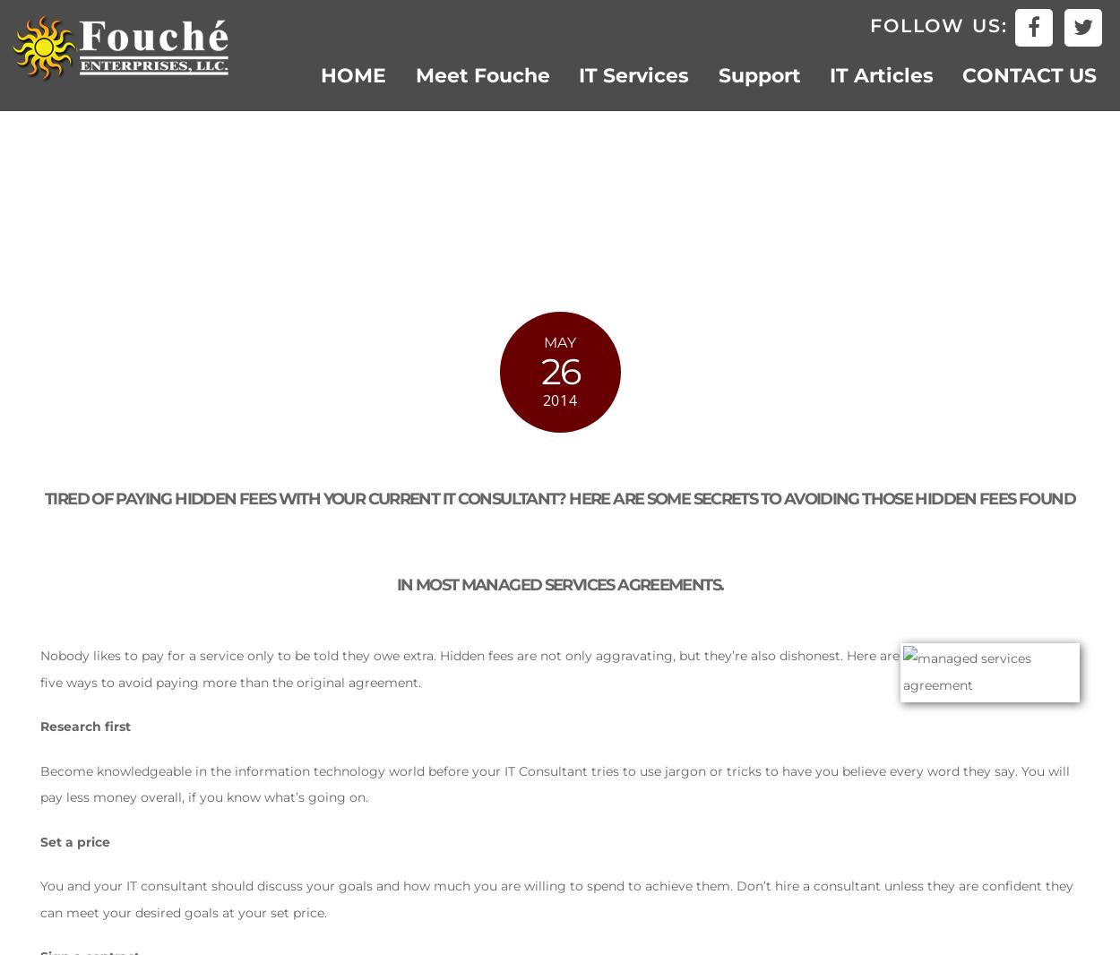 The width and height of the screenshot is (1120, 955). I want to click on 'Support', so click(758, 74).